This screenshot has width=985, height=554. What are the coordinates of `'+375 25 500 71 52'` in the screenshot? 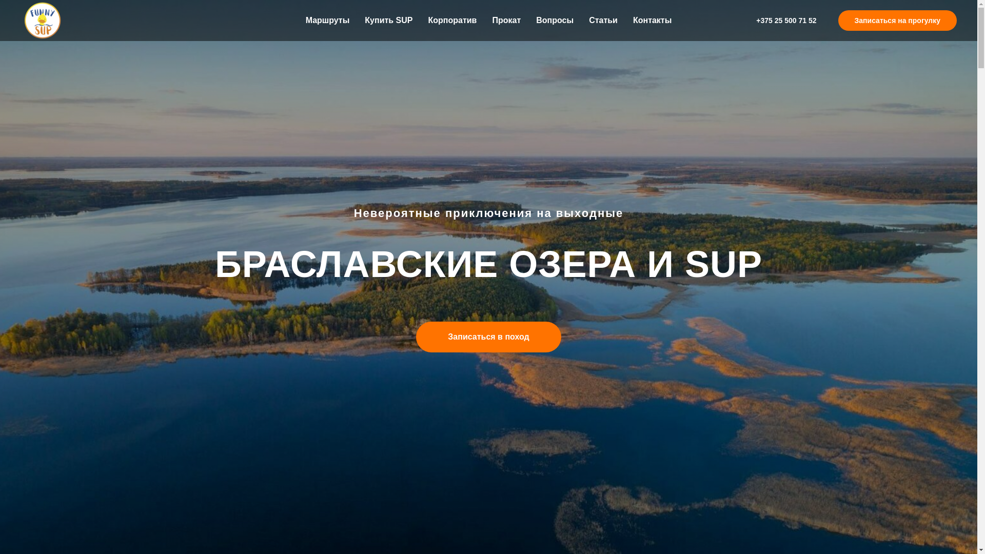 It's located at (785, 20).